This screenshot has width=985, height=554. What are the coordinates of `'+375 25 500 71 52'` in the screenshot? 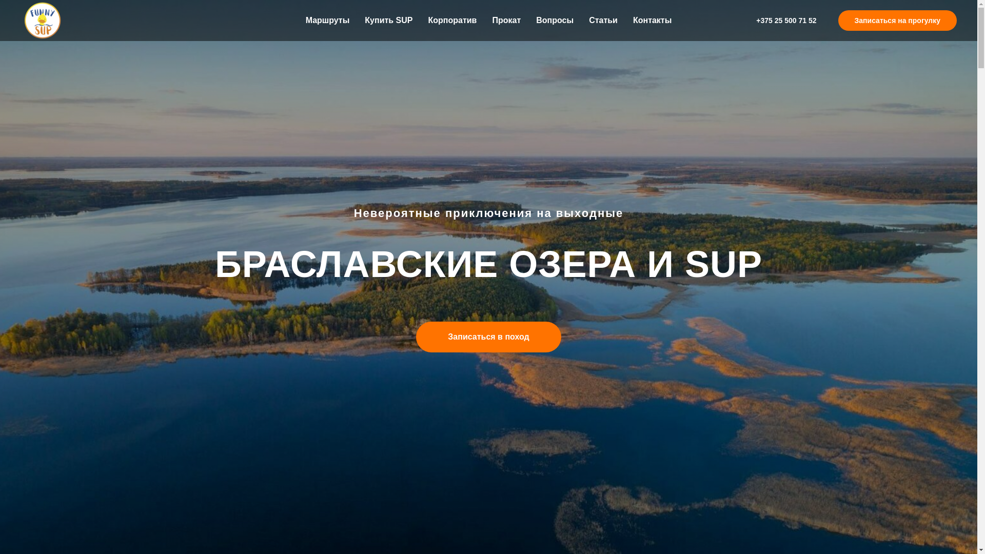 It's located at (785, 20).